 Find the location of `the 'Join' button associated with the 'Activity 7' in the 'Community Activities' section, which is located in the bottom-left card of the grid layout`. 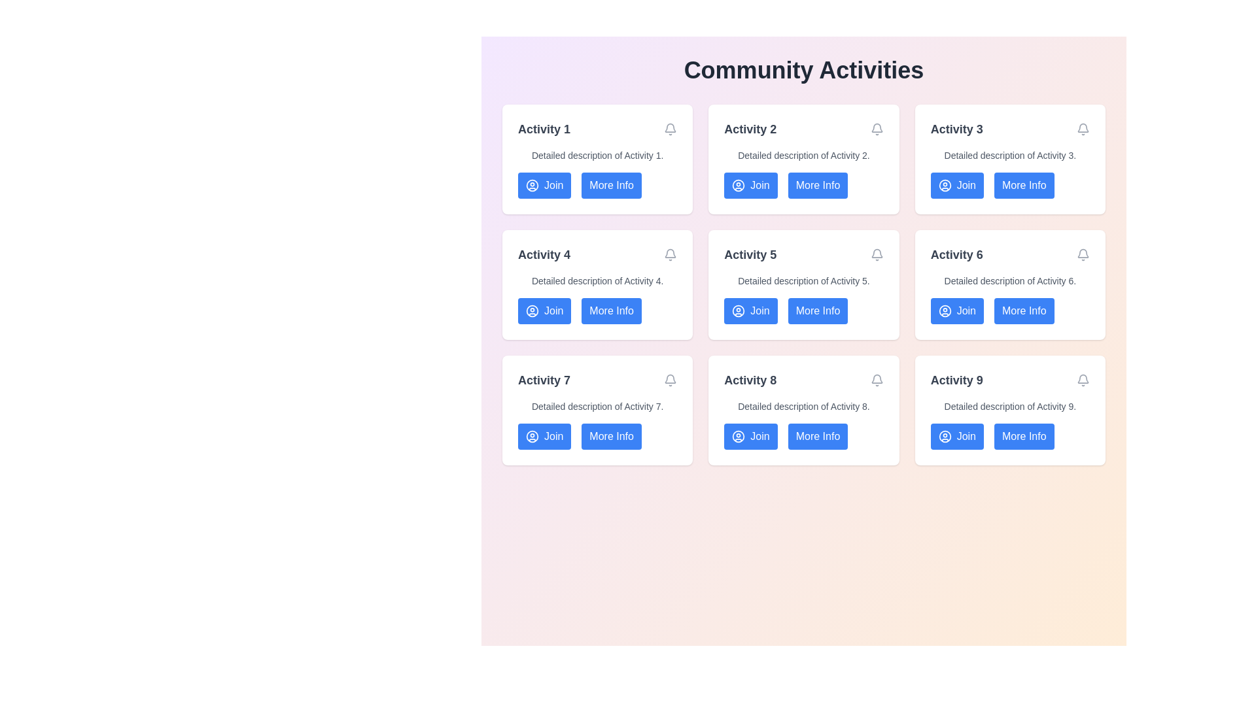

the 'Join' button associated with the 'Activity 7' in the 'Community Activities' section, which is located in the bottom-left card of the grid layout is located at coordinates (532, 436).